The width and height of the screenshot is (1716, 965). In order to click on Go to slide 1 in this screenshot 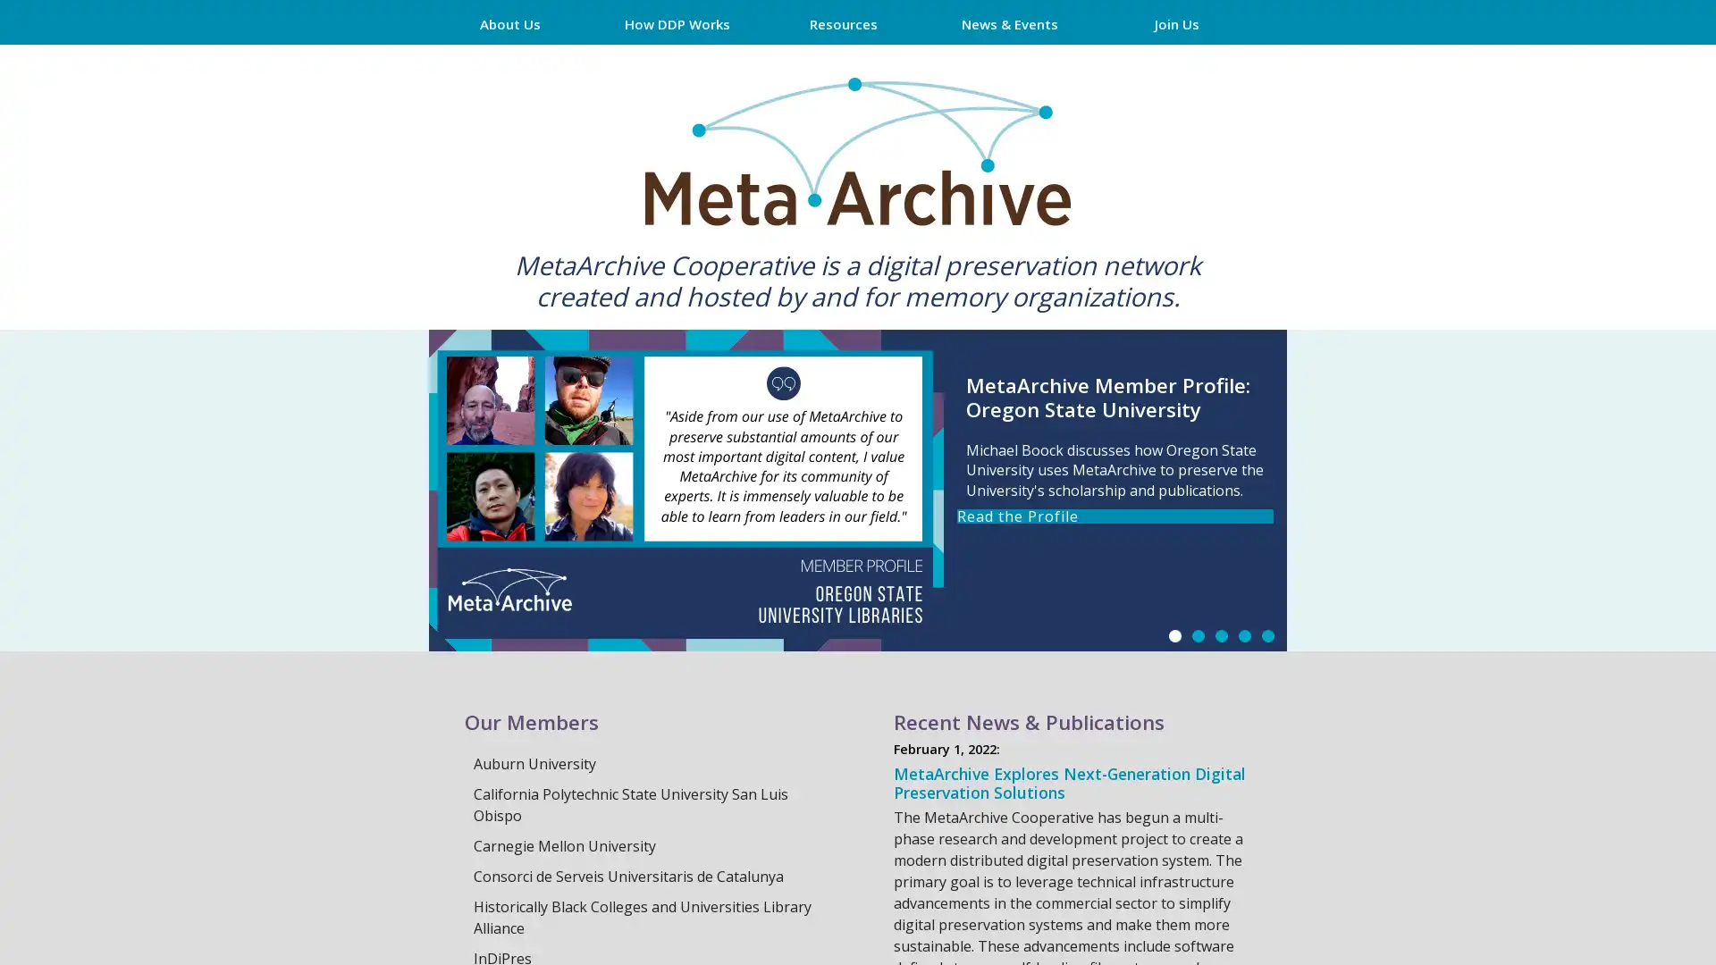, I will do `click(1175, 635)`.